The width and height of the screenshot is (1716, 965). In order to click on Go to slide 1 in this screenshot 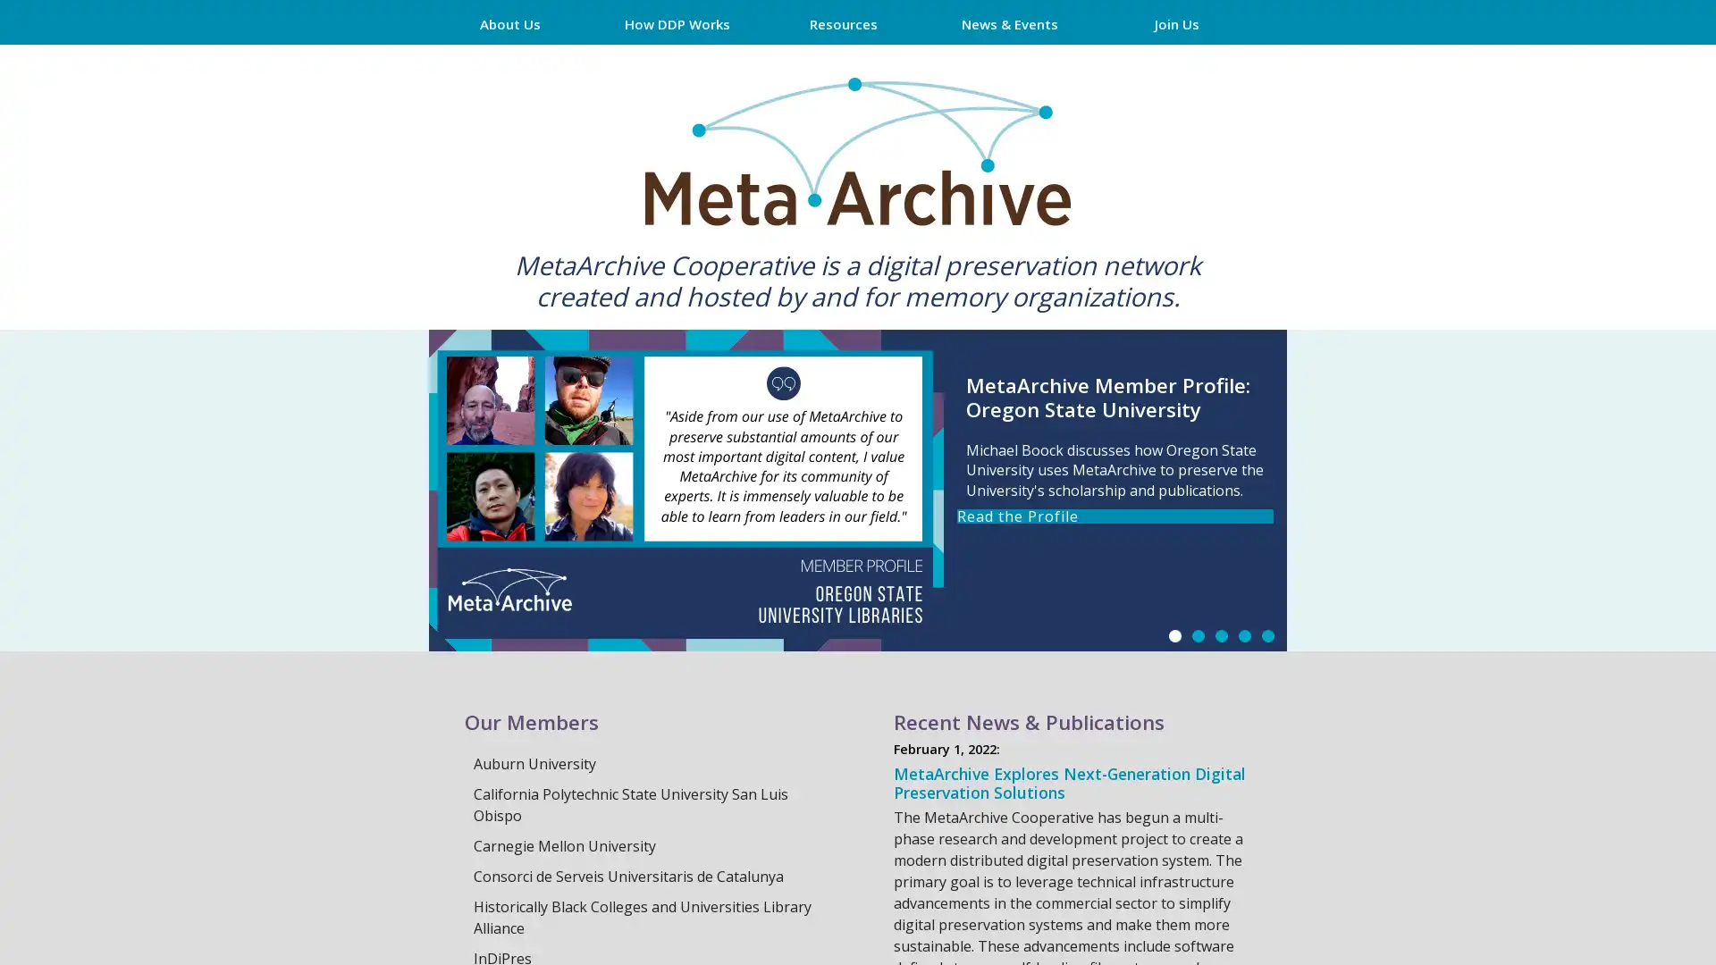, I will do `click(1175, 635)`.